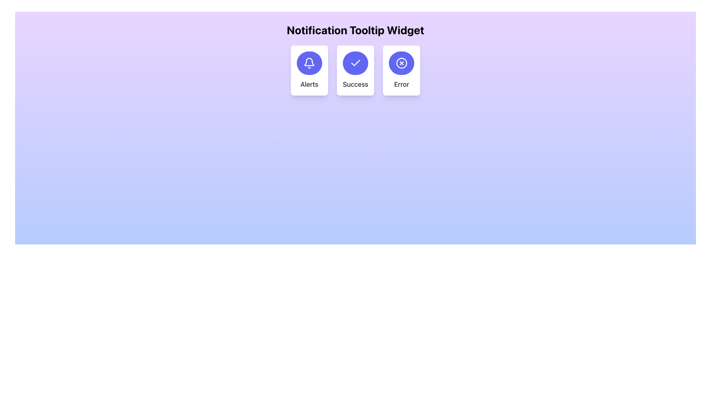  What do you see at coordinates (355, 63) in the screenshot?
I see `the 'Success' button by clicking on the central icon that represents a successful action or state, located within the blue circular background` at bounding box center [355, 63].